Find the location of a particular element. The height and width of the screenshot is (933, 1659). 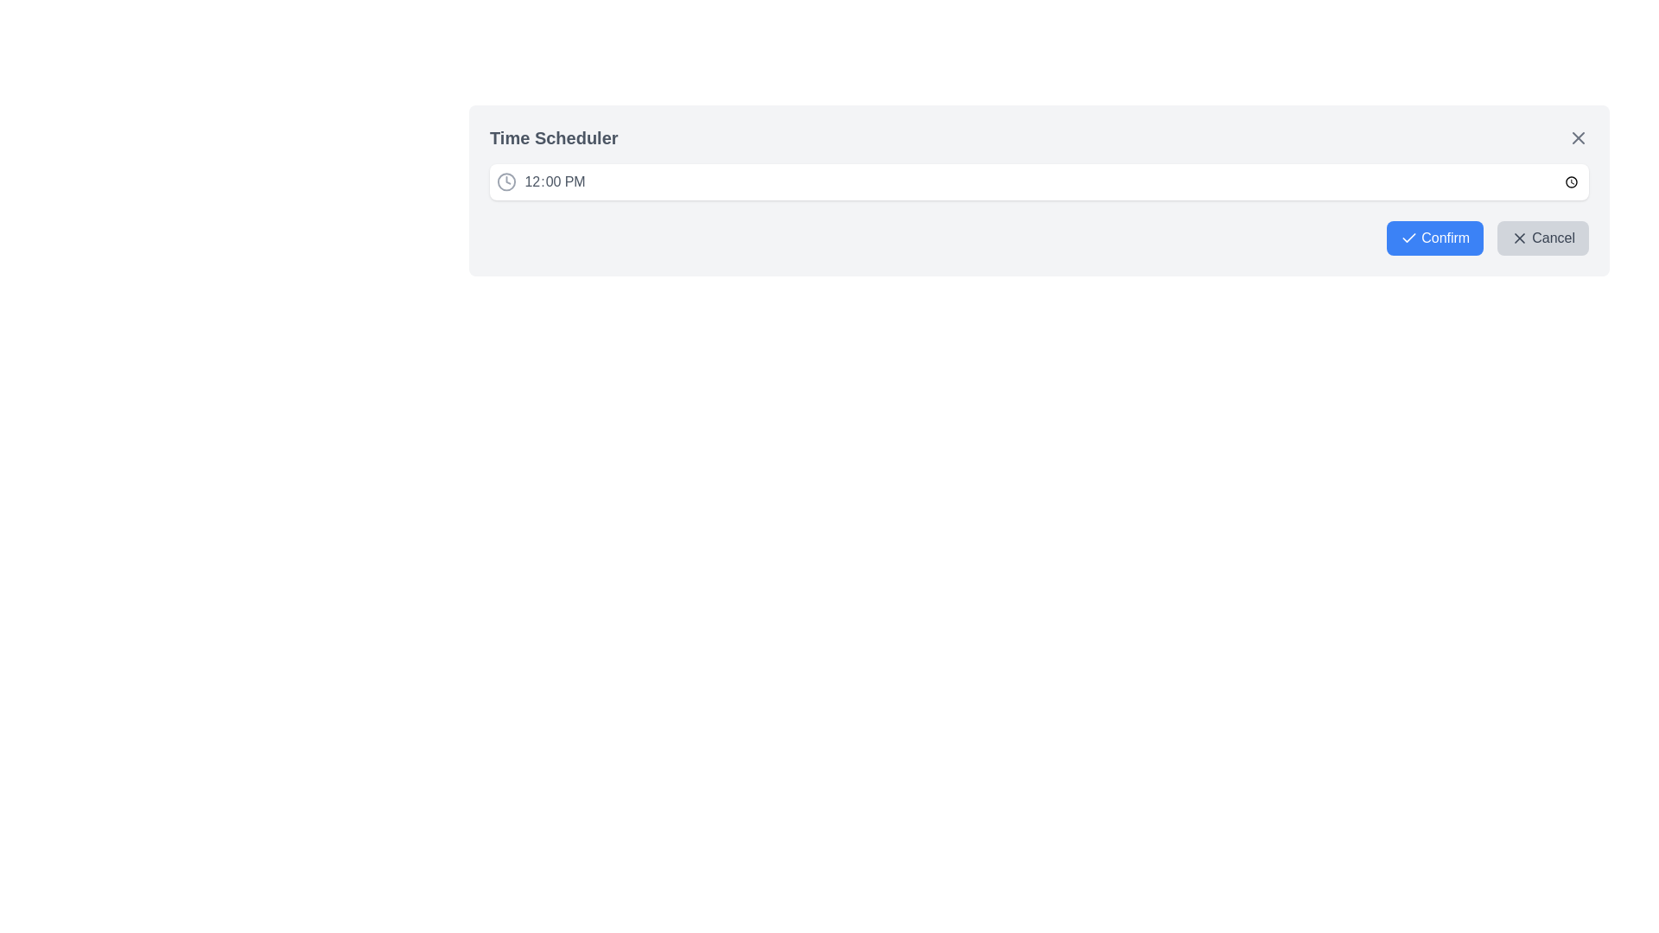

the 'Cancel' button with a gray background and rounded corners, labeled in gray text, which is the second button in a group aligned at the bottom-right of the panel is located at coordinates (1543, 238).